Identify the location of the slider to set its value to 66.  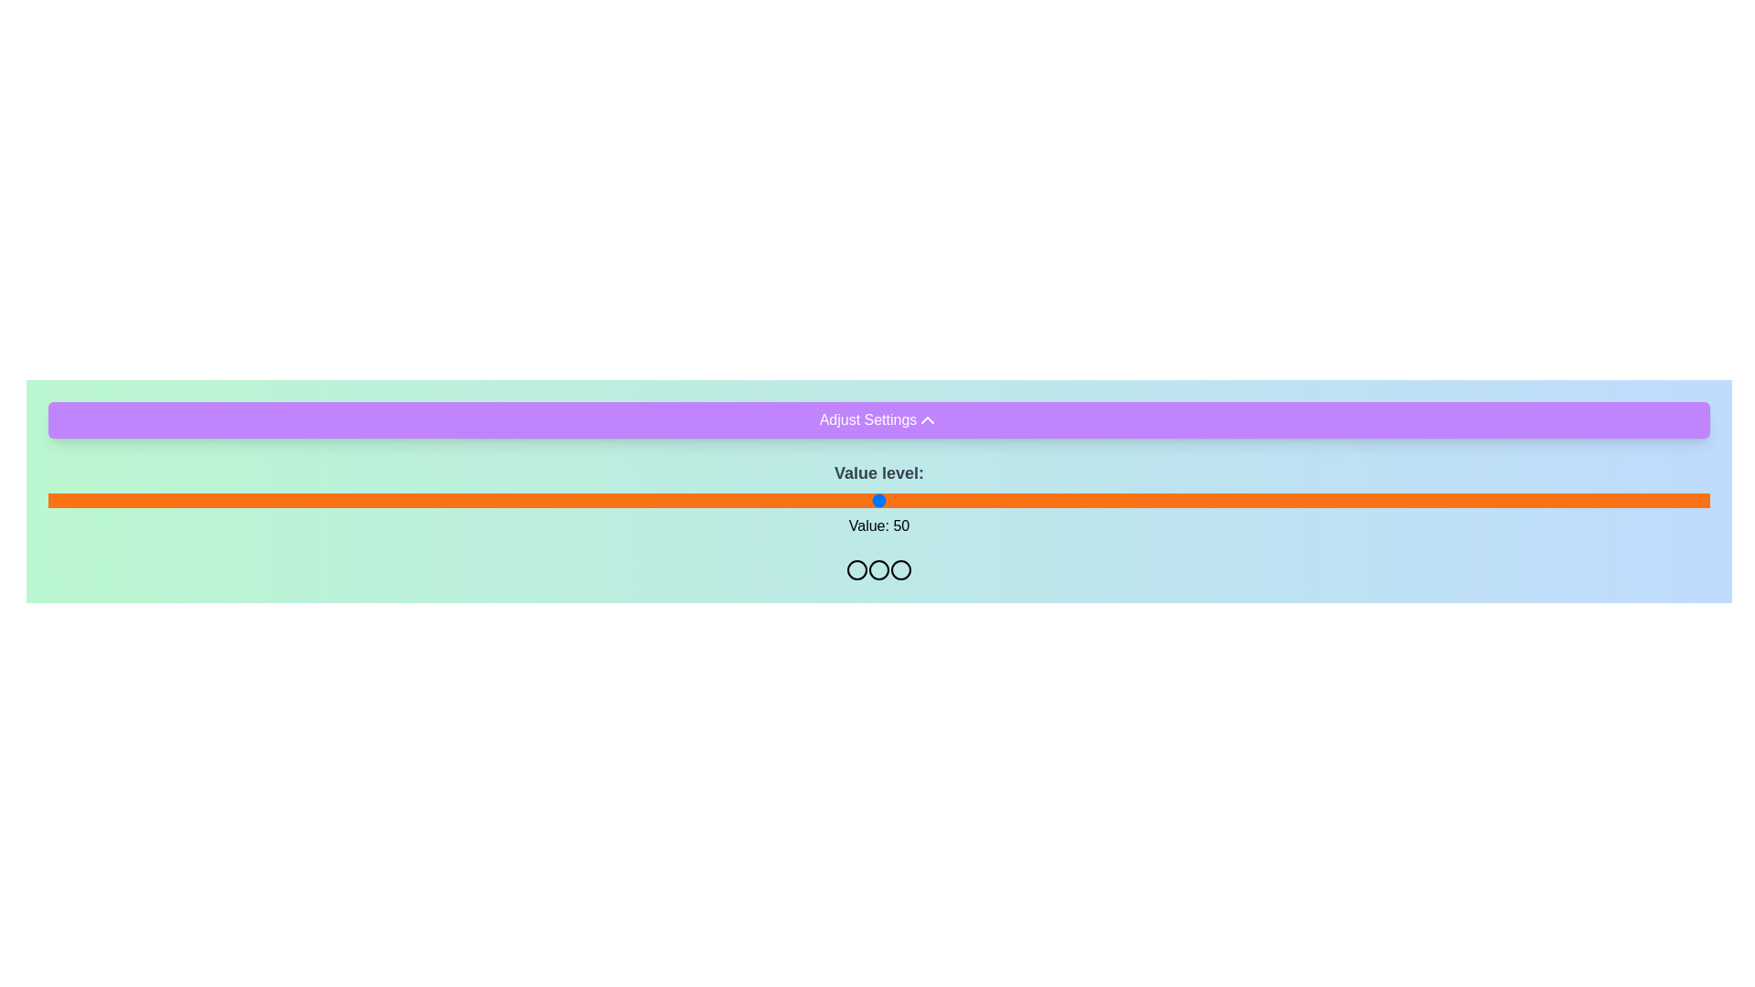
(1143, 500).